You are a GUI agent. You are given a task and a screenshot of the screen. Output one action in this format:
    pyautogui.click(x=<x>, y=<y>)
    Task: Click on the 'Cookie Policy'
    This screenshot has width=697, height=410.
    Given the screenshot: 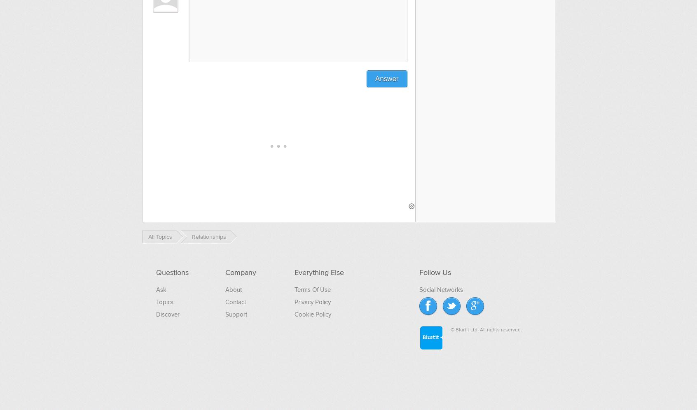 What is the action you would take?
    pyautogui.click(x=312, y=314)
    